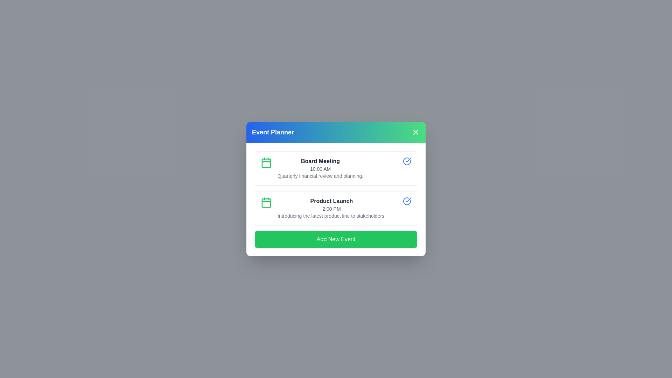 The image size is (672, 378). What do you see at coordinates (320, 161) in the screenshot?
I see `text label displaying 'Board Meeting' located at the top of the event block in the event planner interface` at bounding box center [320, 161].